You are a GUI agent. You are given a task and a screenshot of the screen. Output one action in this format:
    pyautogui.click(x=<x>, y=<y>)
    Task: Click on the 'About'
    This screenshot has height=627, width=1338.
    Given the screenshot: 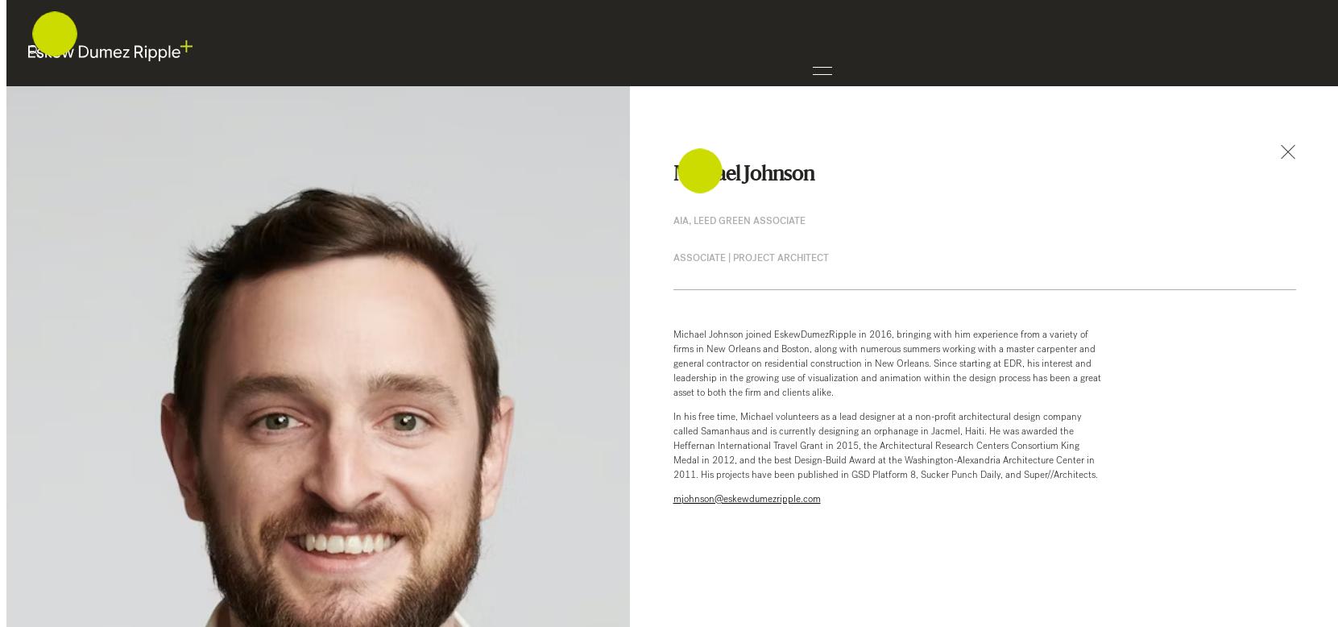 What is the action you would take?
    pyautogui.click(x=51, y=172)
    